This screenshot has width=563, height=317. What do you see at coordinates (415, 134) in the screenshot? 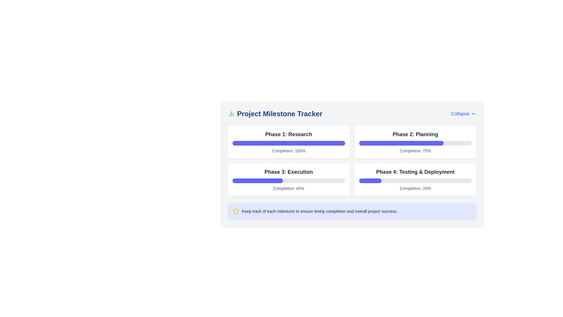
I see `the text label indicating the title for the 'Phase 2' section in the project tracker, which is positioned at the top-center of the 'Phase 2: Planning' section` at bounding box center [415, 134].